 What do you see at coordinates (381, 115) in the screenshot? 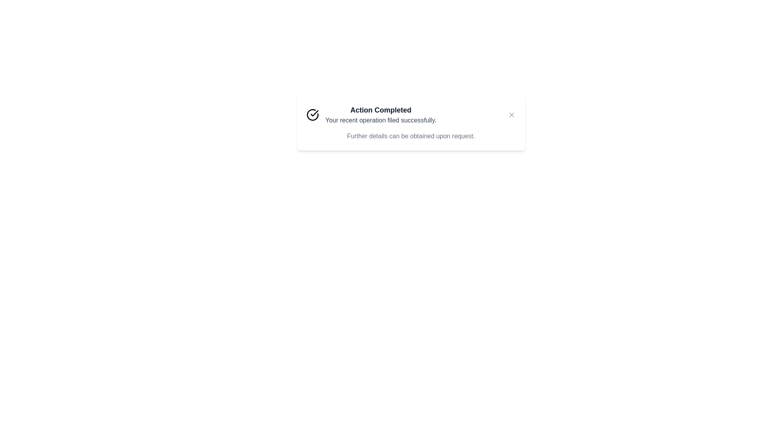
I see `text displayed in the Text display block that states 'Action Completed' and 'Your recent operation filed successfully.'` at bounding box center [381, 115].